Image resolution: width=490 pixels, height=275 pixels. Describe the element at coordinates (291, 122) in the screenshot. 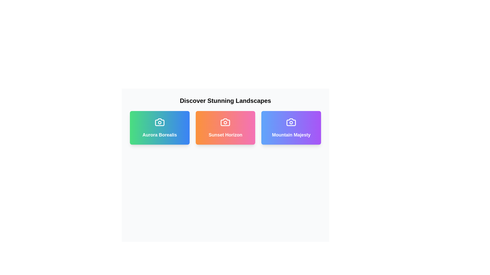

I see `the camera icon with white outlines located at the top-center of the 'Mountain Majesty' card, which has a gradient purple background` at that location.